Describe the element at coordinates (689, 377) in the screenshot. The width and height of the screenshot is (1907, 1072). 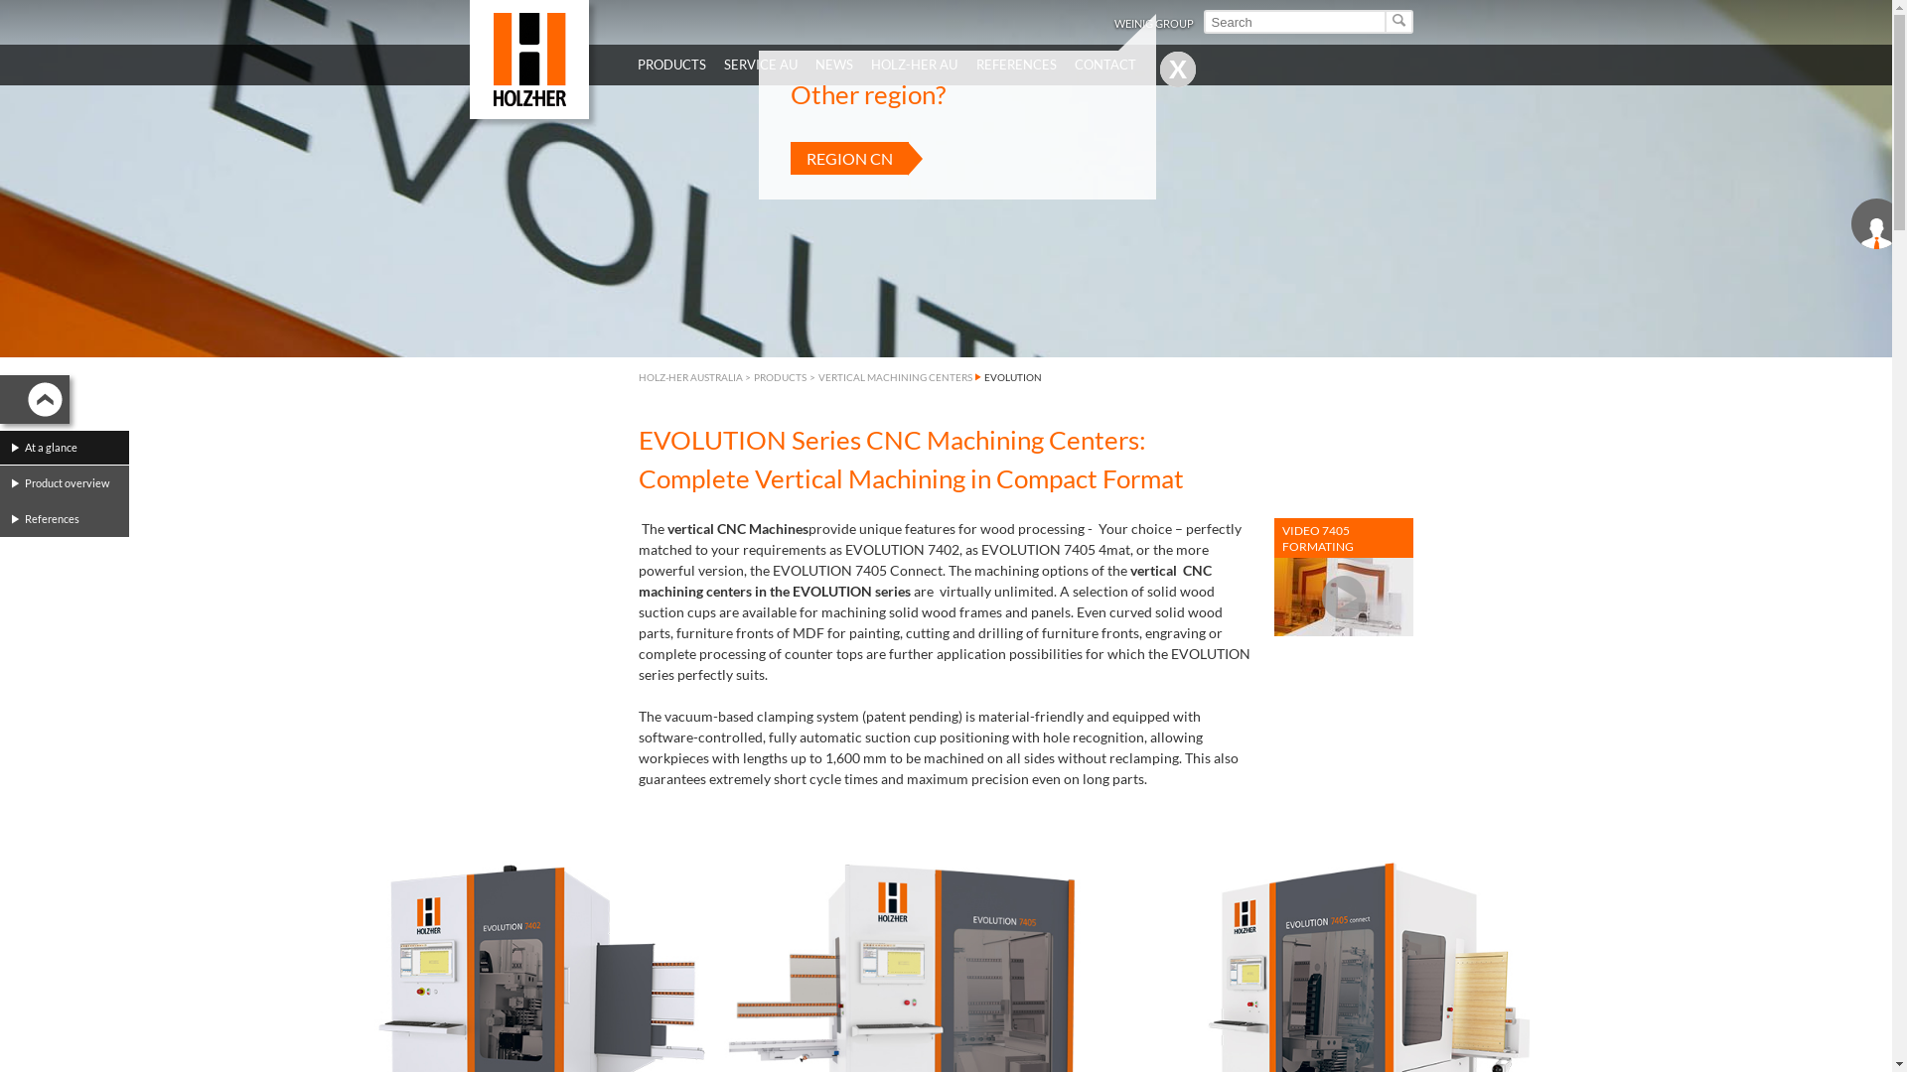
I see `'HOLZ-HER AUSTRALIA'` at that location.